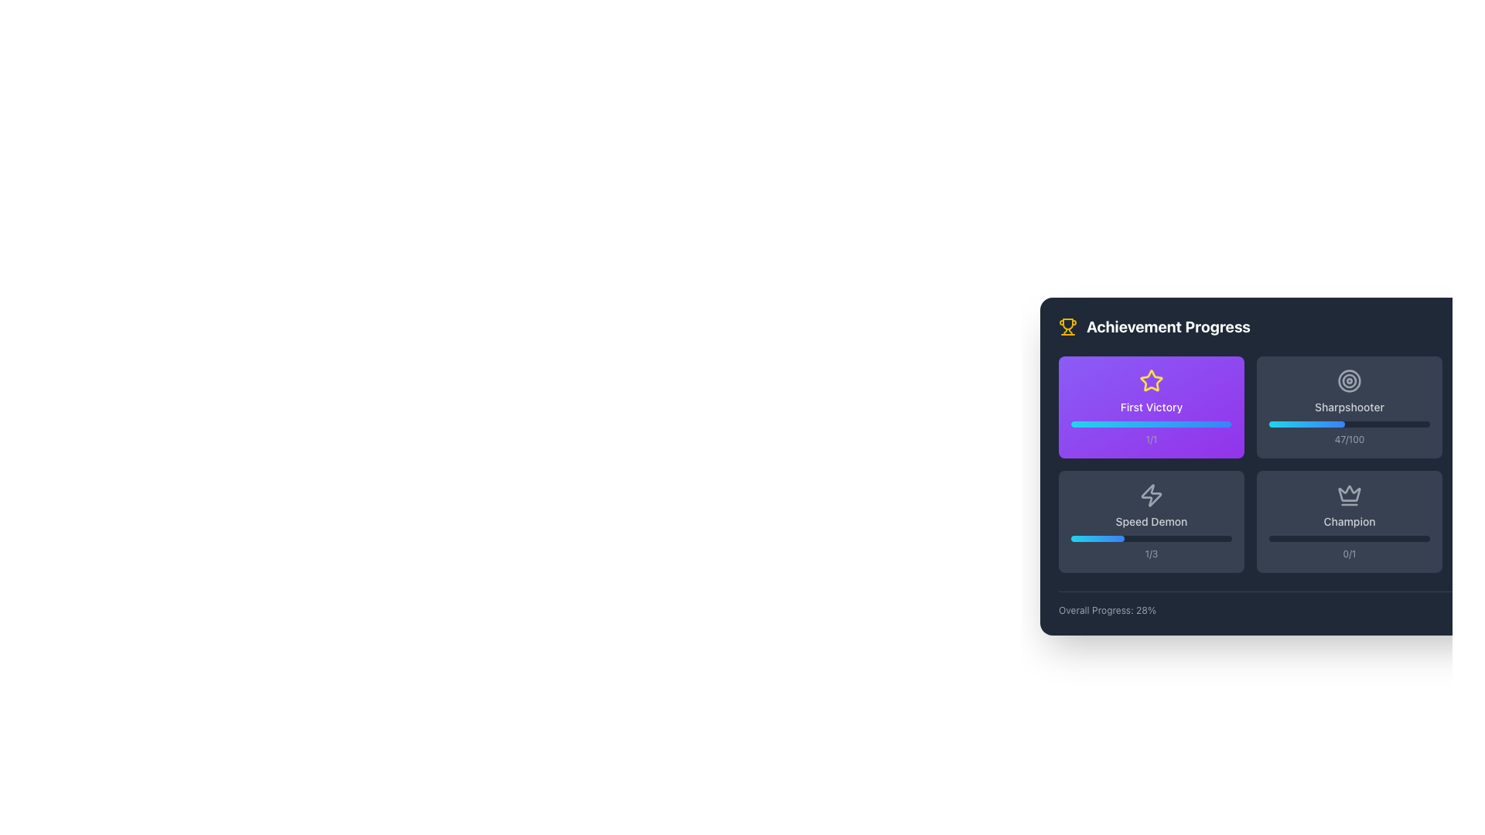 This screenshot has width=1485, height=835. What do you see at coordinates (1169, 326) in the screenshot?
I see `the header text indicating user achievement progress, located at the top-left corner of the achievement section, immediately to the right of the trophy icon` at bounding box center [1169, 326].